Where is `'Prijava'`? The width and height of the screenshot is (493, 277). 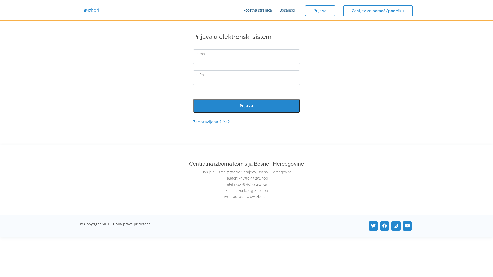 'Prijava' is located at coordinates (246, 105).